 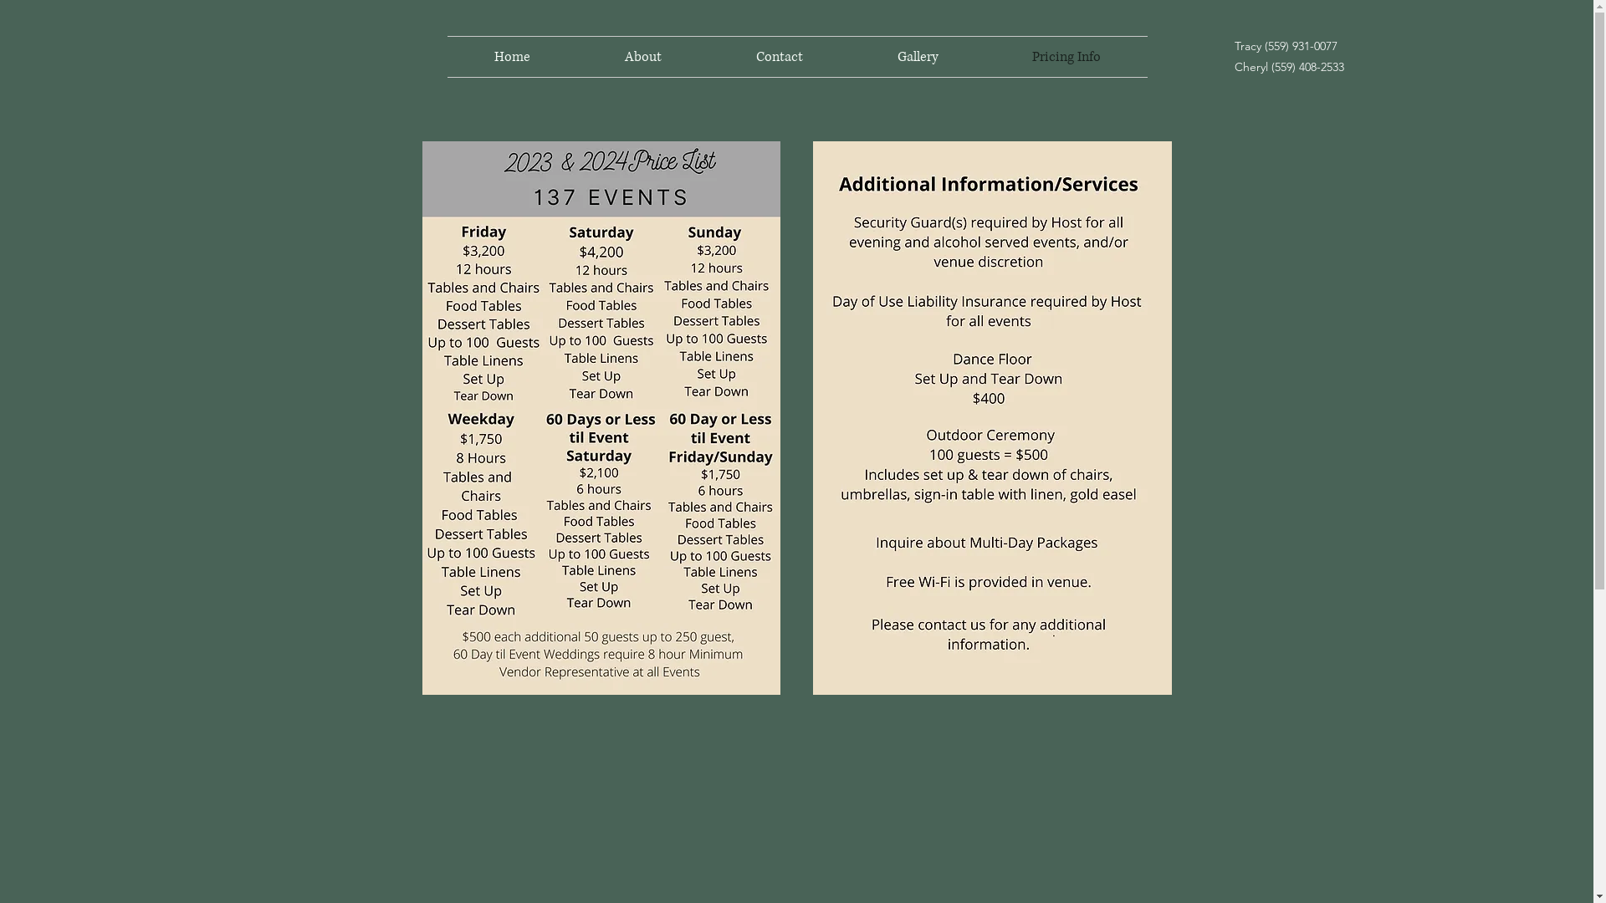 What do you see at coordinates (916, 56) in the screenshot?
I see `'Gallery'` at bounding box center [916, 56].